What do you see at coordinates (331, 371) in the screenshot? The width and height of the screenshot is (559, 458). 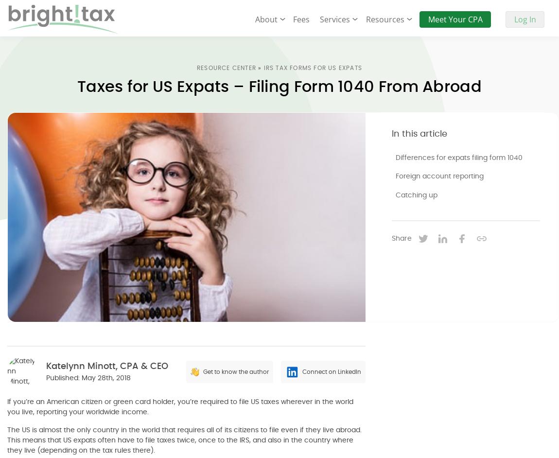 I see `'Connect on LinkedIn'` at bounding box center [331, 371].